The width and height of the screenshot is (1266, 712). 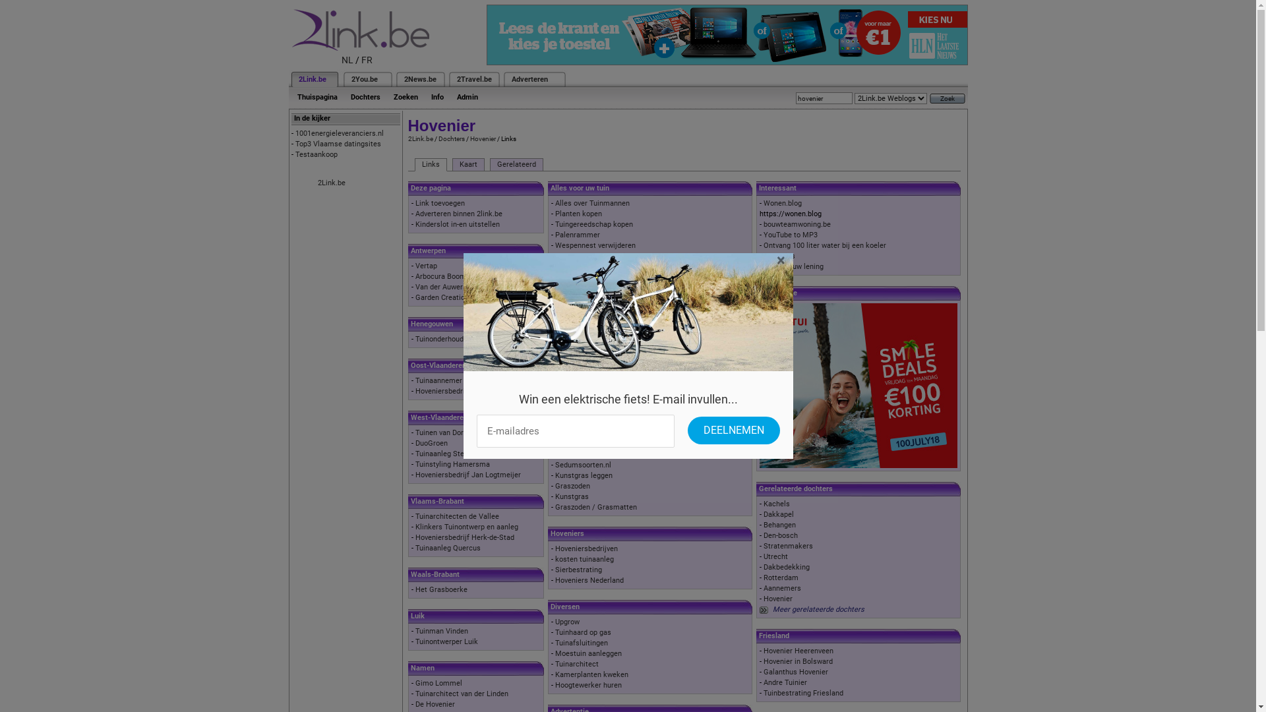 I want to click on 'Wespennest verwijderen', so click(x=594, y=245).